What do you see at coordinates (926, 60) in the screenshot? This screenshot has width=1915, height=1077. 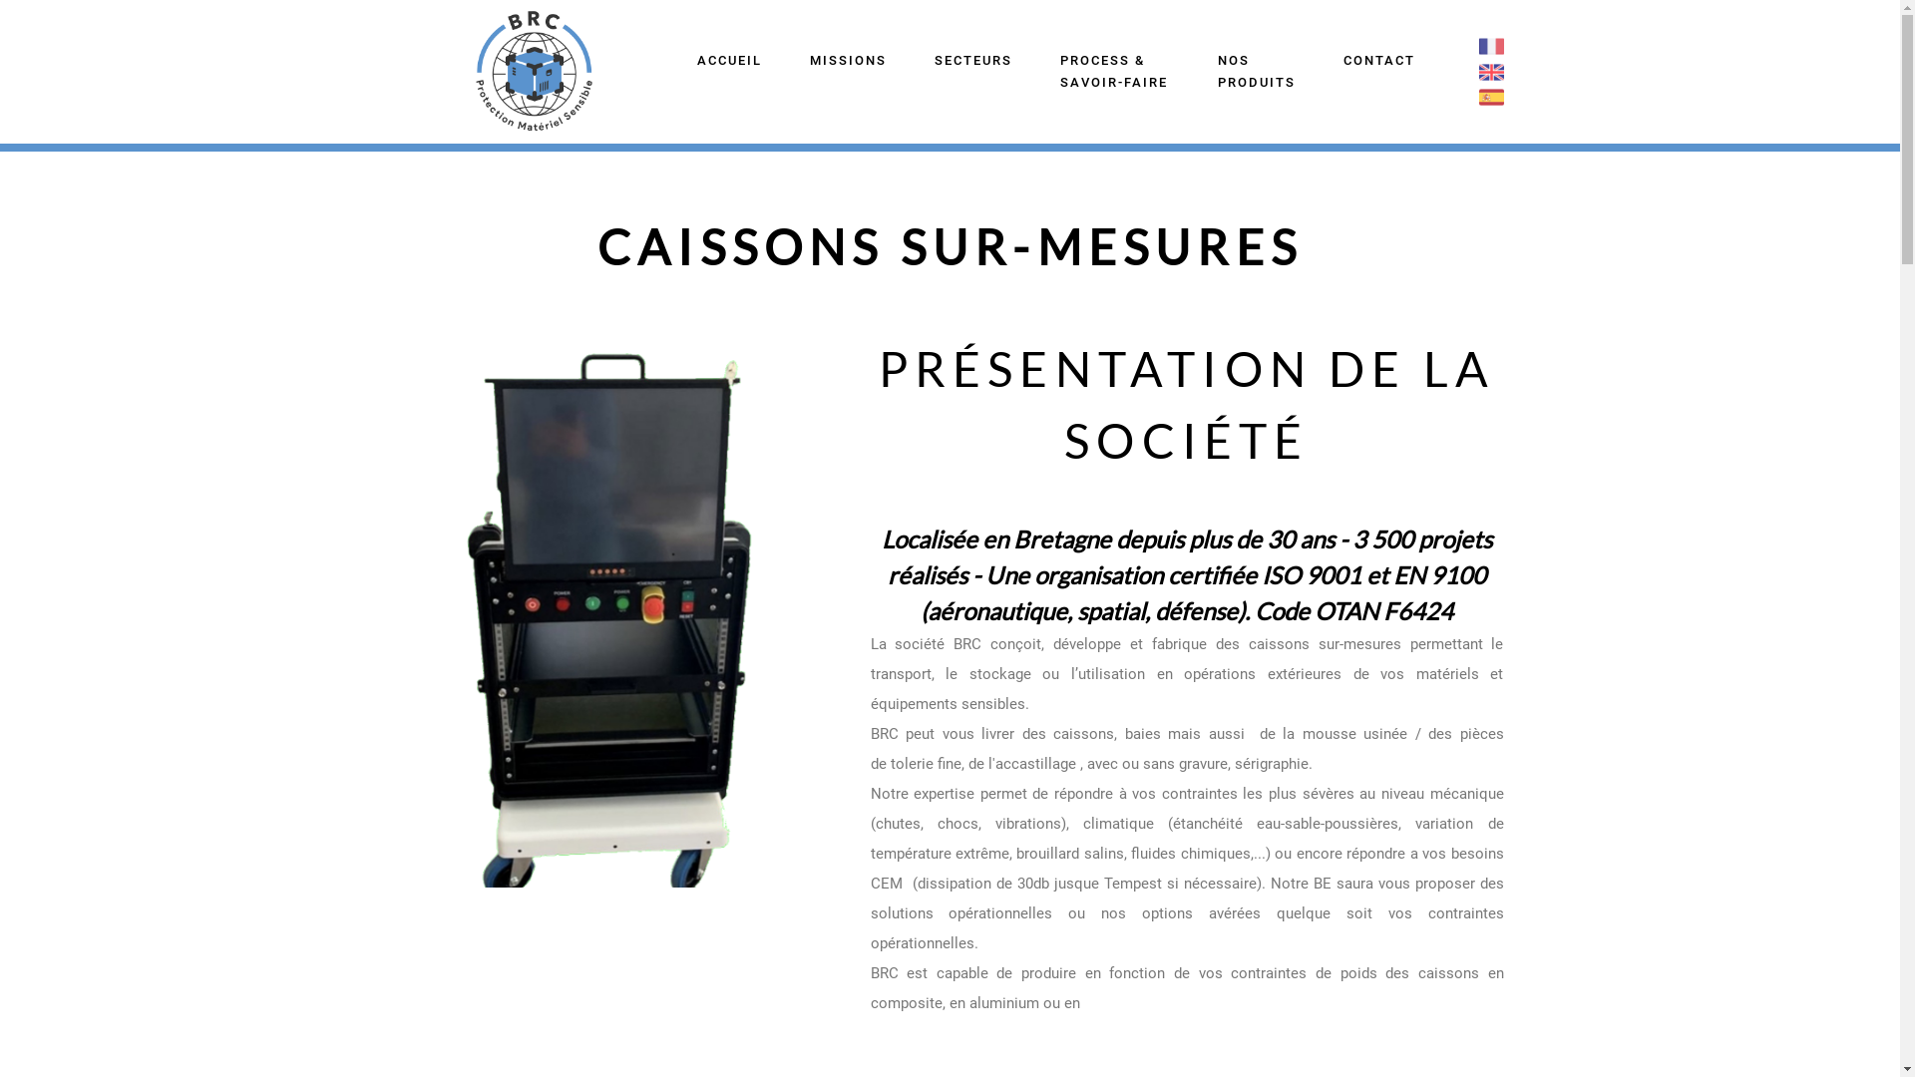 I see `'SECTEURS'` at bounding box center [926, 60].